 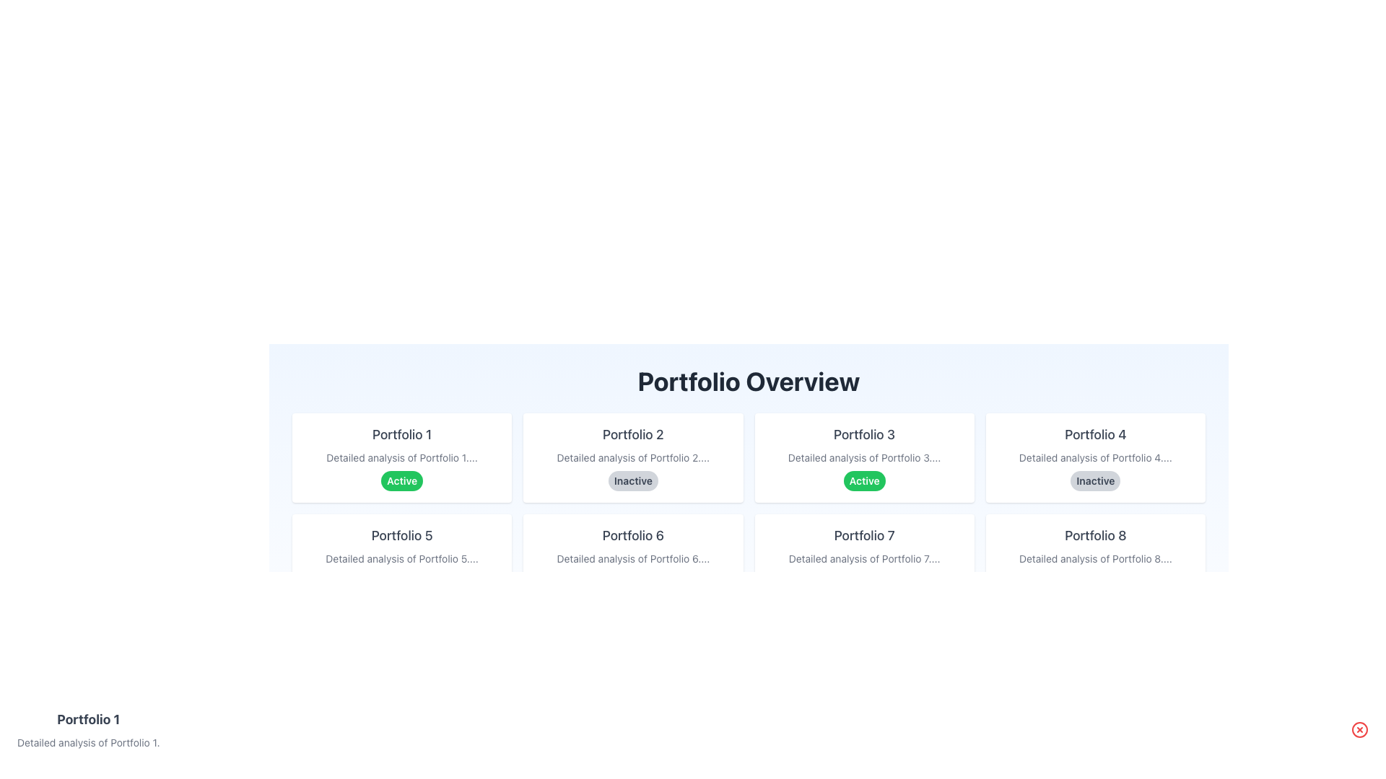 I want to click on the static label displaying 'Inactive' located at the bottom of the card titled 'Portfolio 2' in the grid layout under 'Portfolio Overview', so click(x=633, y=481).